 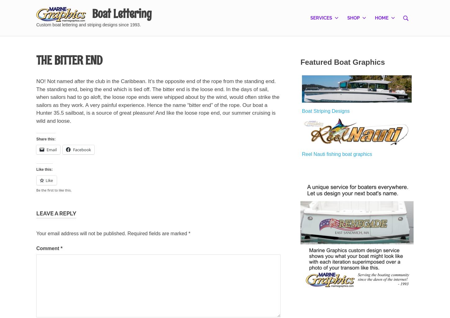 What do you see at coordinates (82, 149) in the screenshot?
I see `'Facebook'` at bounding box center [82, 149].